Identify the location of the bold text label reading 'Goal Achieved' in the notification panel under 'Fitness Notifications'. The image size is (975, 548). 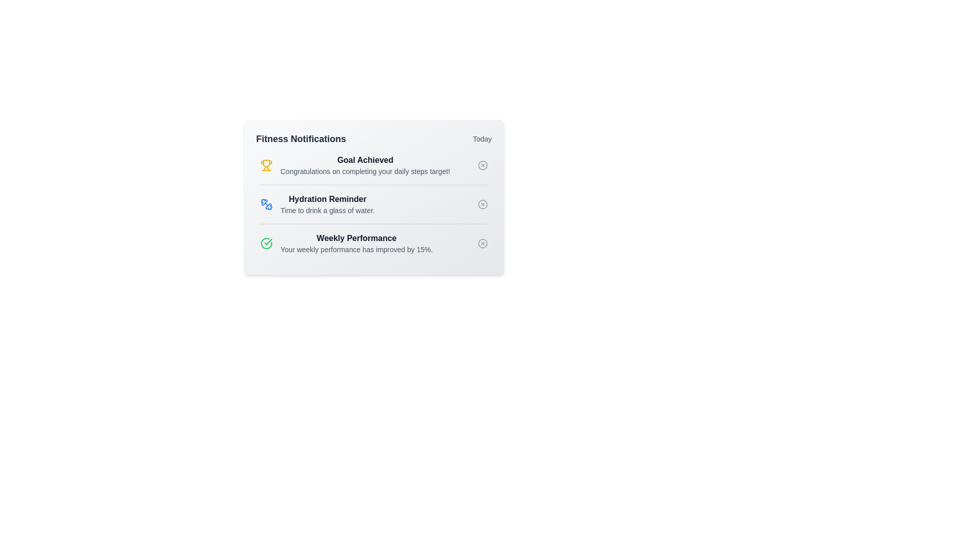
(365, 160).